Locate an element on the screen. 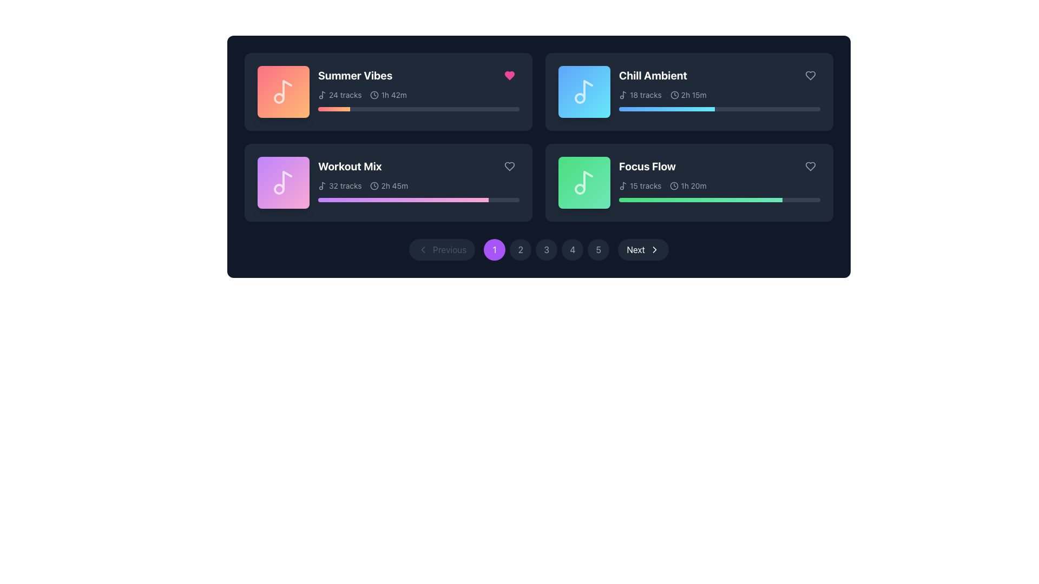 This screenshot has height=584, width=1039. the Progress Indicator located within the progress bar under the 'Summer Vibes' section of the '24 tracks' playlist, which visually represents the completion status of audio content is located at coordinates (333, 109).